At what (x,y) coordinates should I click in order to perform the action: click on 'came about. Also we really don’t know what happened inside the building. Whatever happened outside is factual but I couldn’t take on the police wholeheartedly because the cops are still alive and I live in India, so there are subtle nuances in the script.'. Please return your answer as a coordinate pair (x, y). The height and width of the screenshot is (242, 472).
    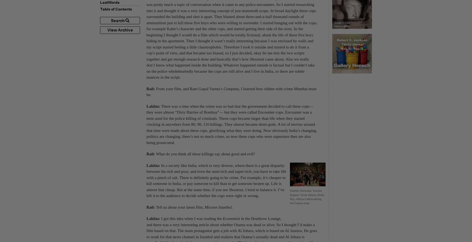
    Looking at the image, I should click on (146, 68).